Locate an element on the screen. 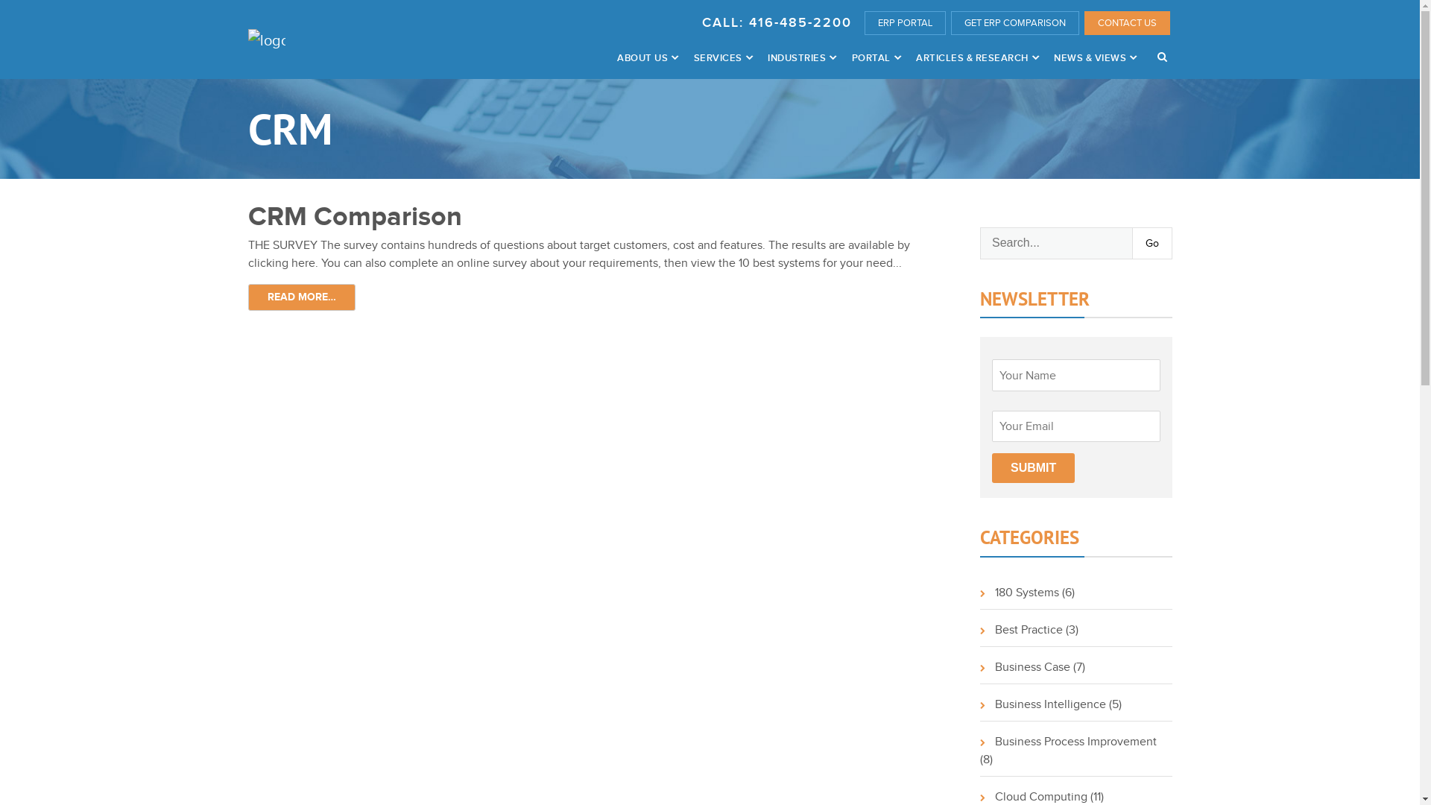  '180 Systems' is located at coordinates (1019, 591).